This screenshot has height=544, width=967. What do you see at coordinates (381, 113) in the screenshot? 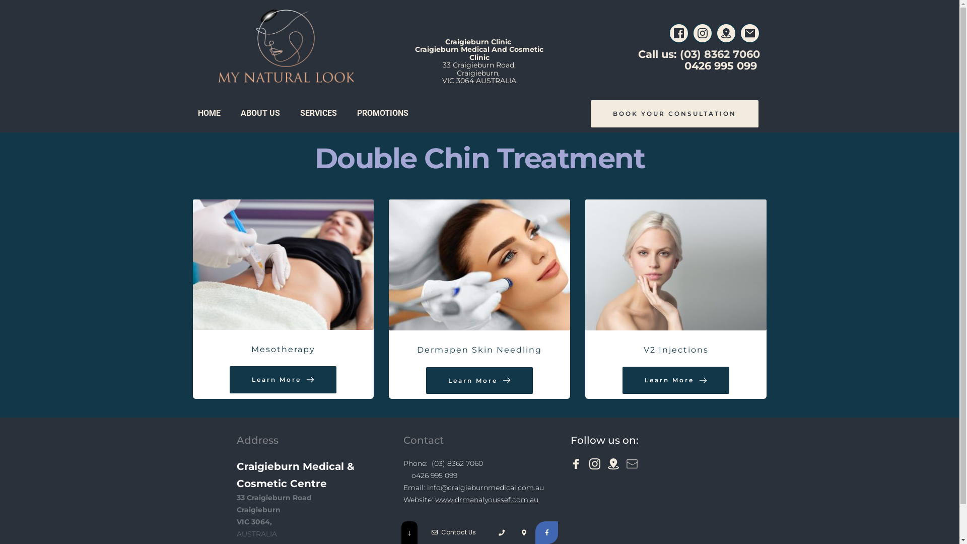
I see `'PROMOTIONS'` at bounding box center [381, 113].